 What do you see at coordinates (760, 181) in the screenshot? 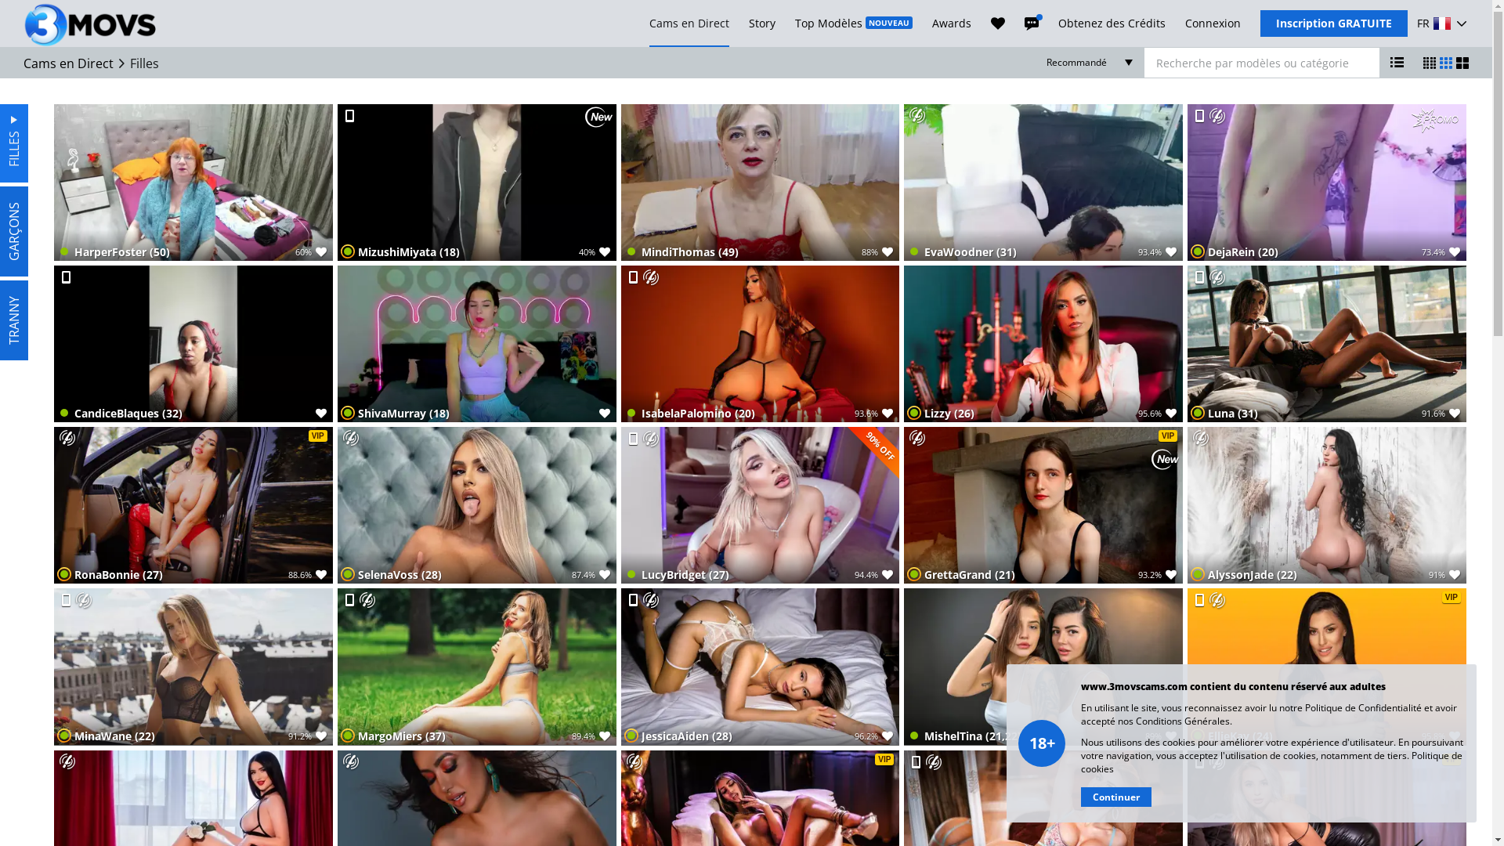
I see `'MindiThomas (49)` at bounding box center [760, 181].